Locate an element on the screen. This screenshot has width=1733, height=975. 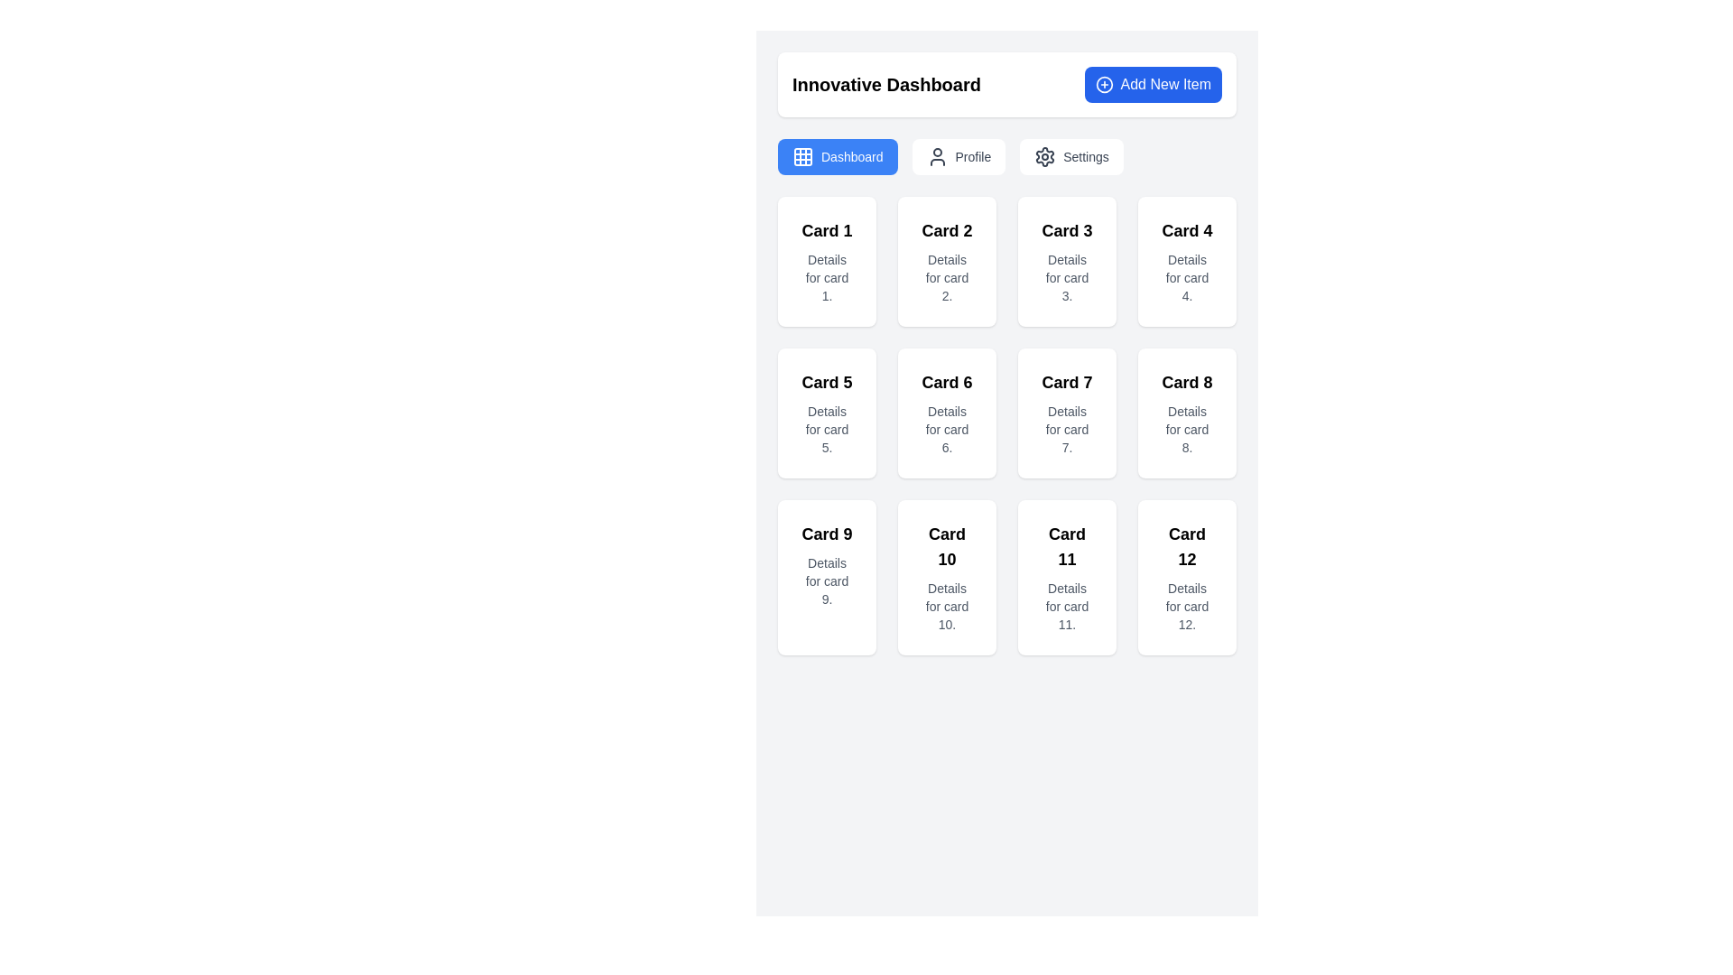
the content of the Informational Card titled 'Card 11', which features a white background, bold title 'Card 11' at the top, and a description 'Details for card 11.' below it is located at coordinates (1067, 578).